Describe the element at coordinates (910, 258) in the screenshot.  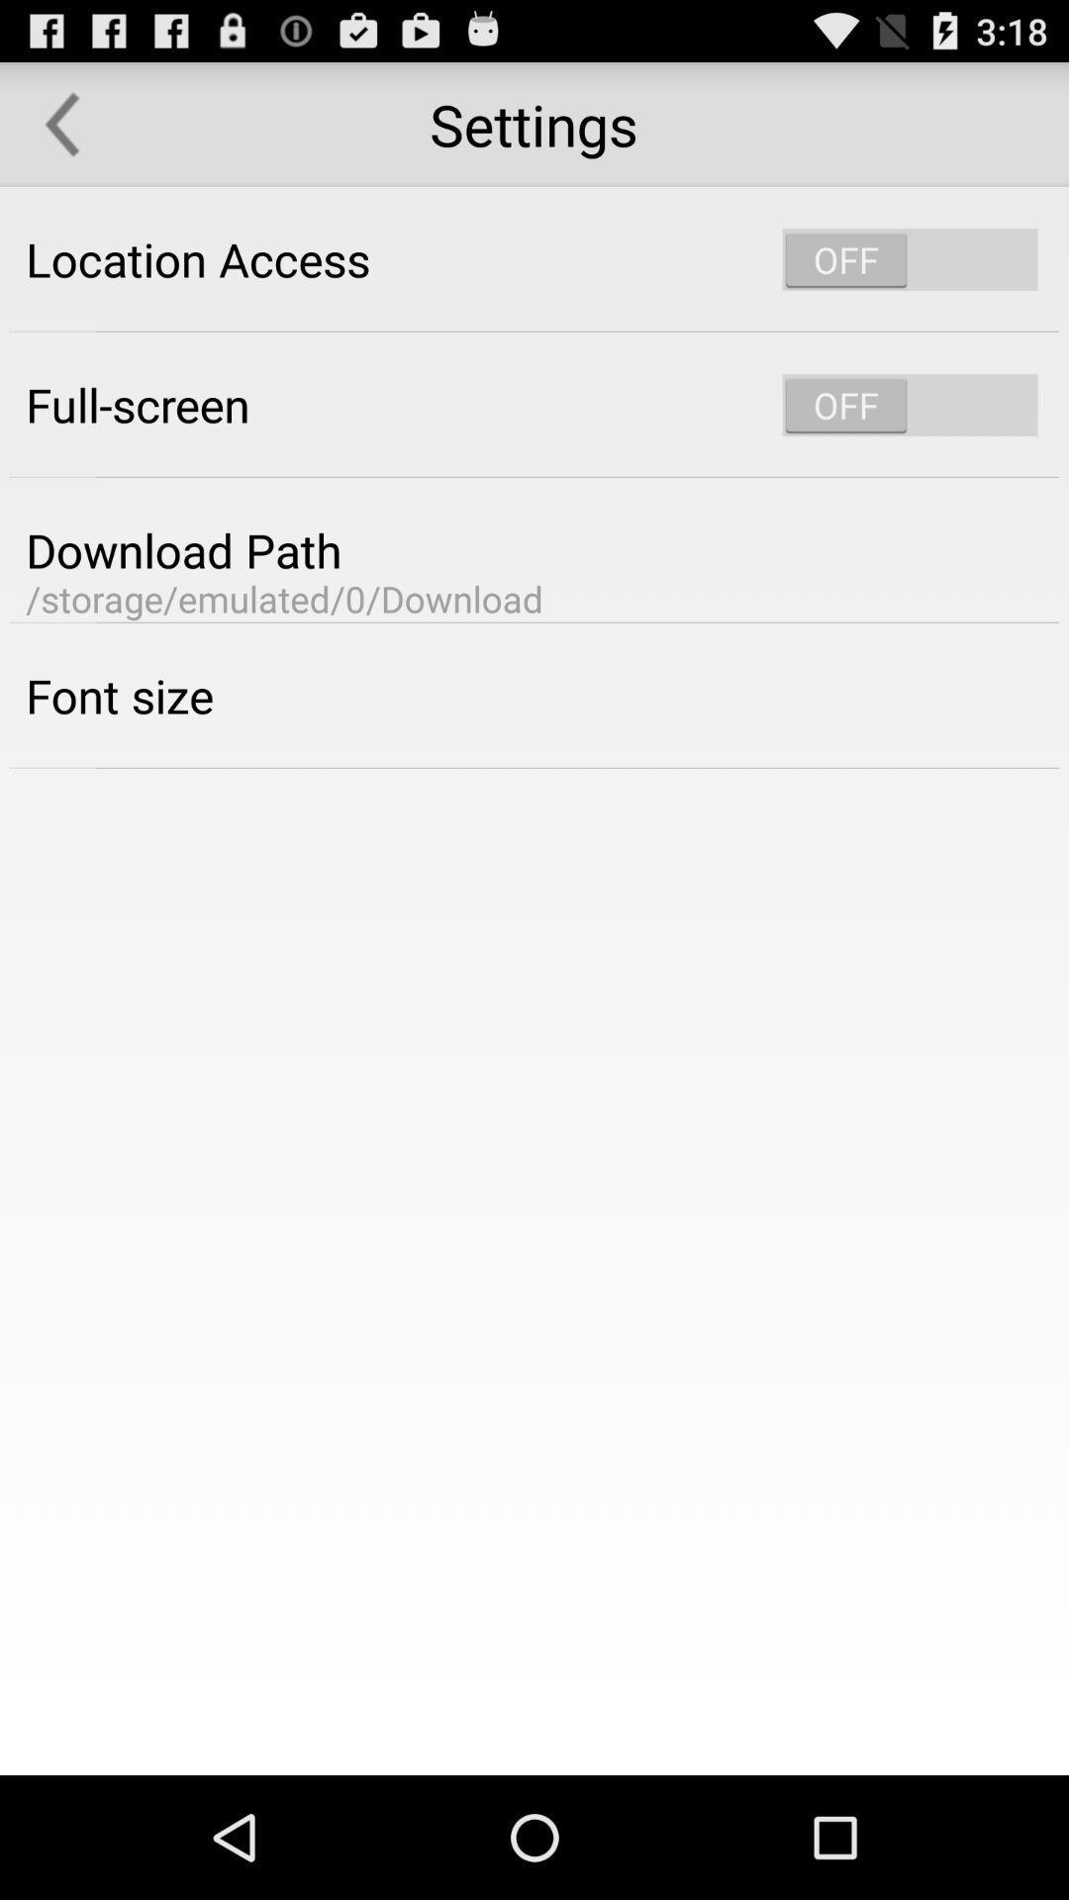
I see `location activation slider` at that location.